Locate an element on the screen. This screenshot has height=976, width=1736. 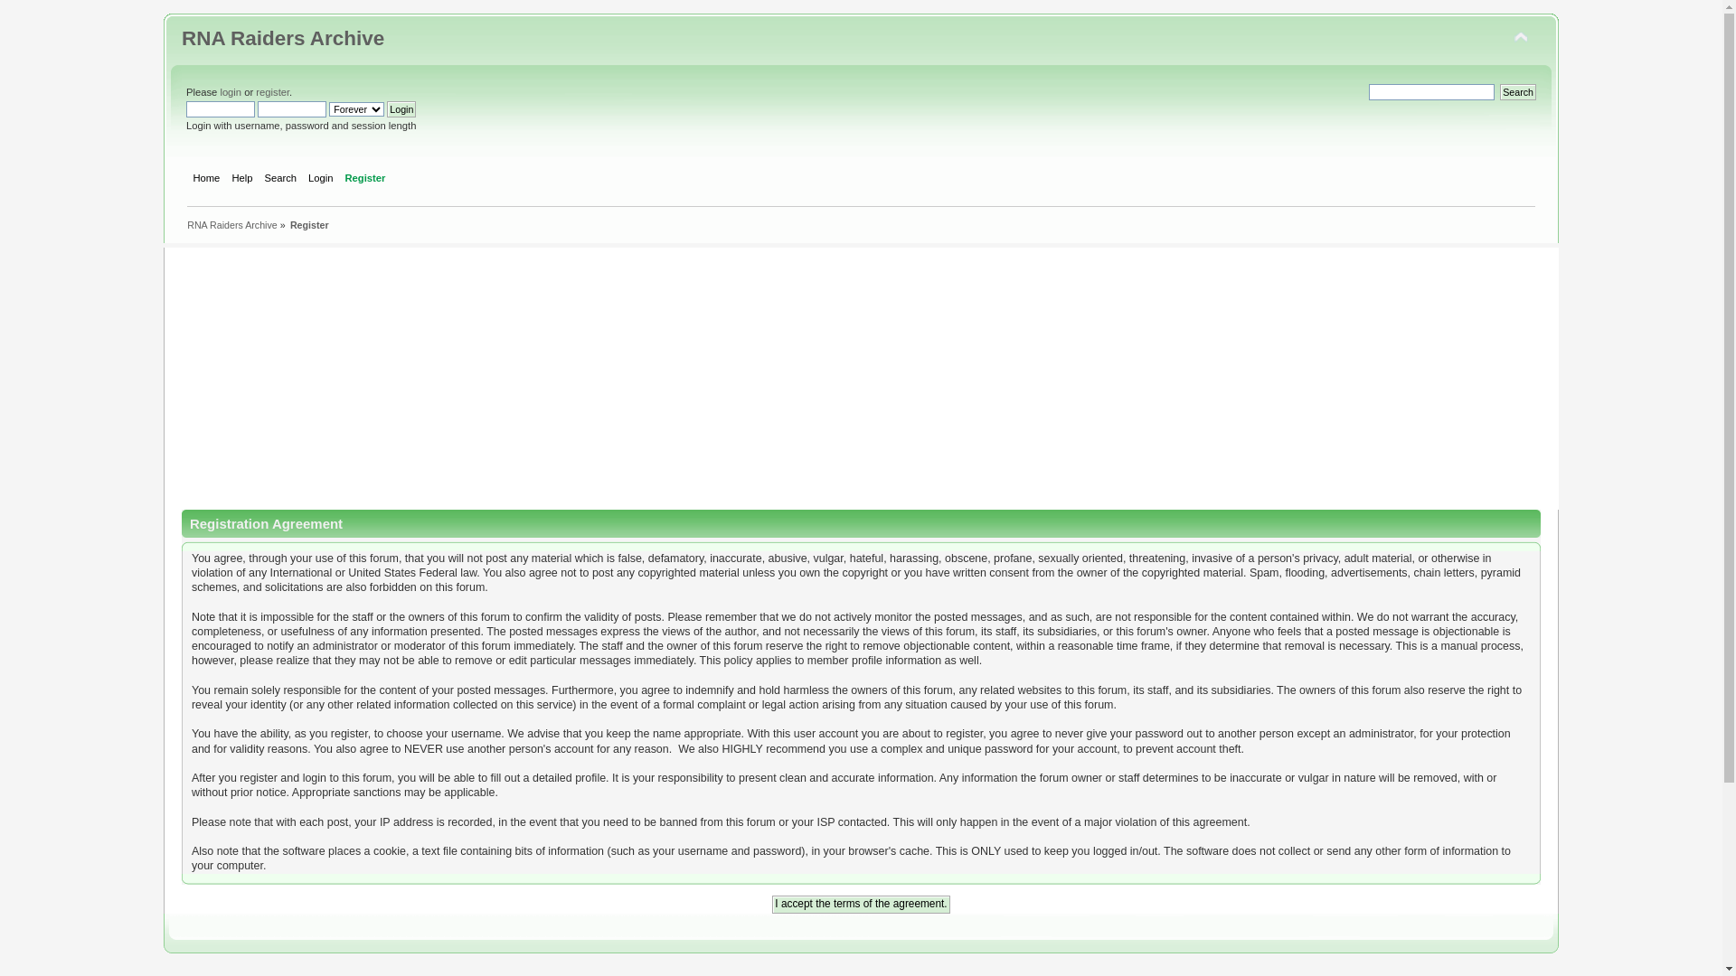
'I accept the terms of the agreement.' is located at coordinates (859, 905).